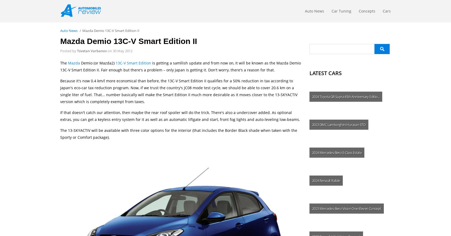  I want to click on 'DMC Lamborghini Huracan STO', so click(342, 124).